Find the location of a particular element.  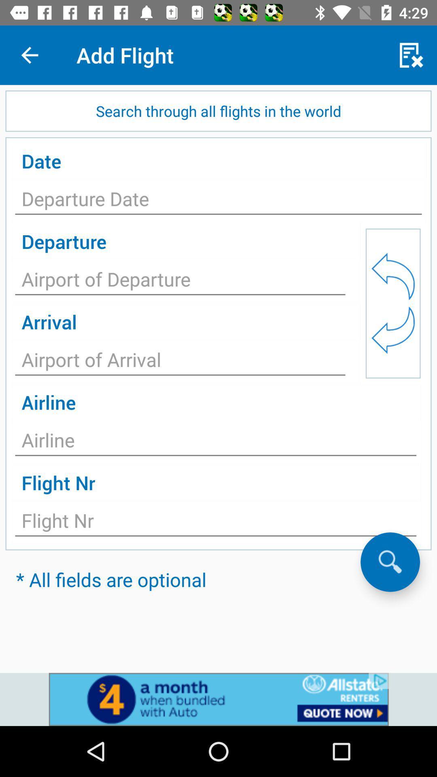

to fill date of source is located at coordinates (218, 201).